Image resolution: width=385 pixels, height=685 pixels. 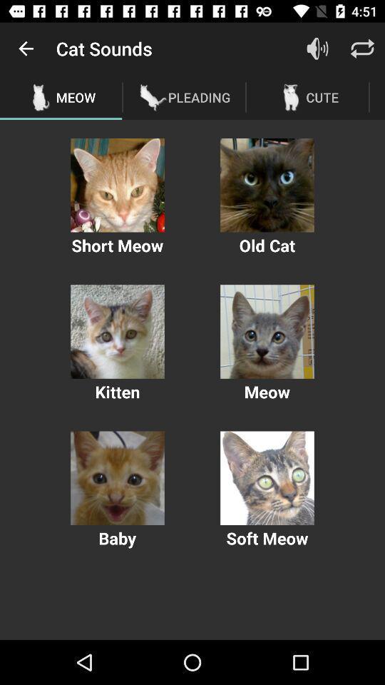 I want to click on press for short meow, so click(x=117, y=184).